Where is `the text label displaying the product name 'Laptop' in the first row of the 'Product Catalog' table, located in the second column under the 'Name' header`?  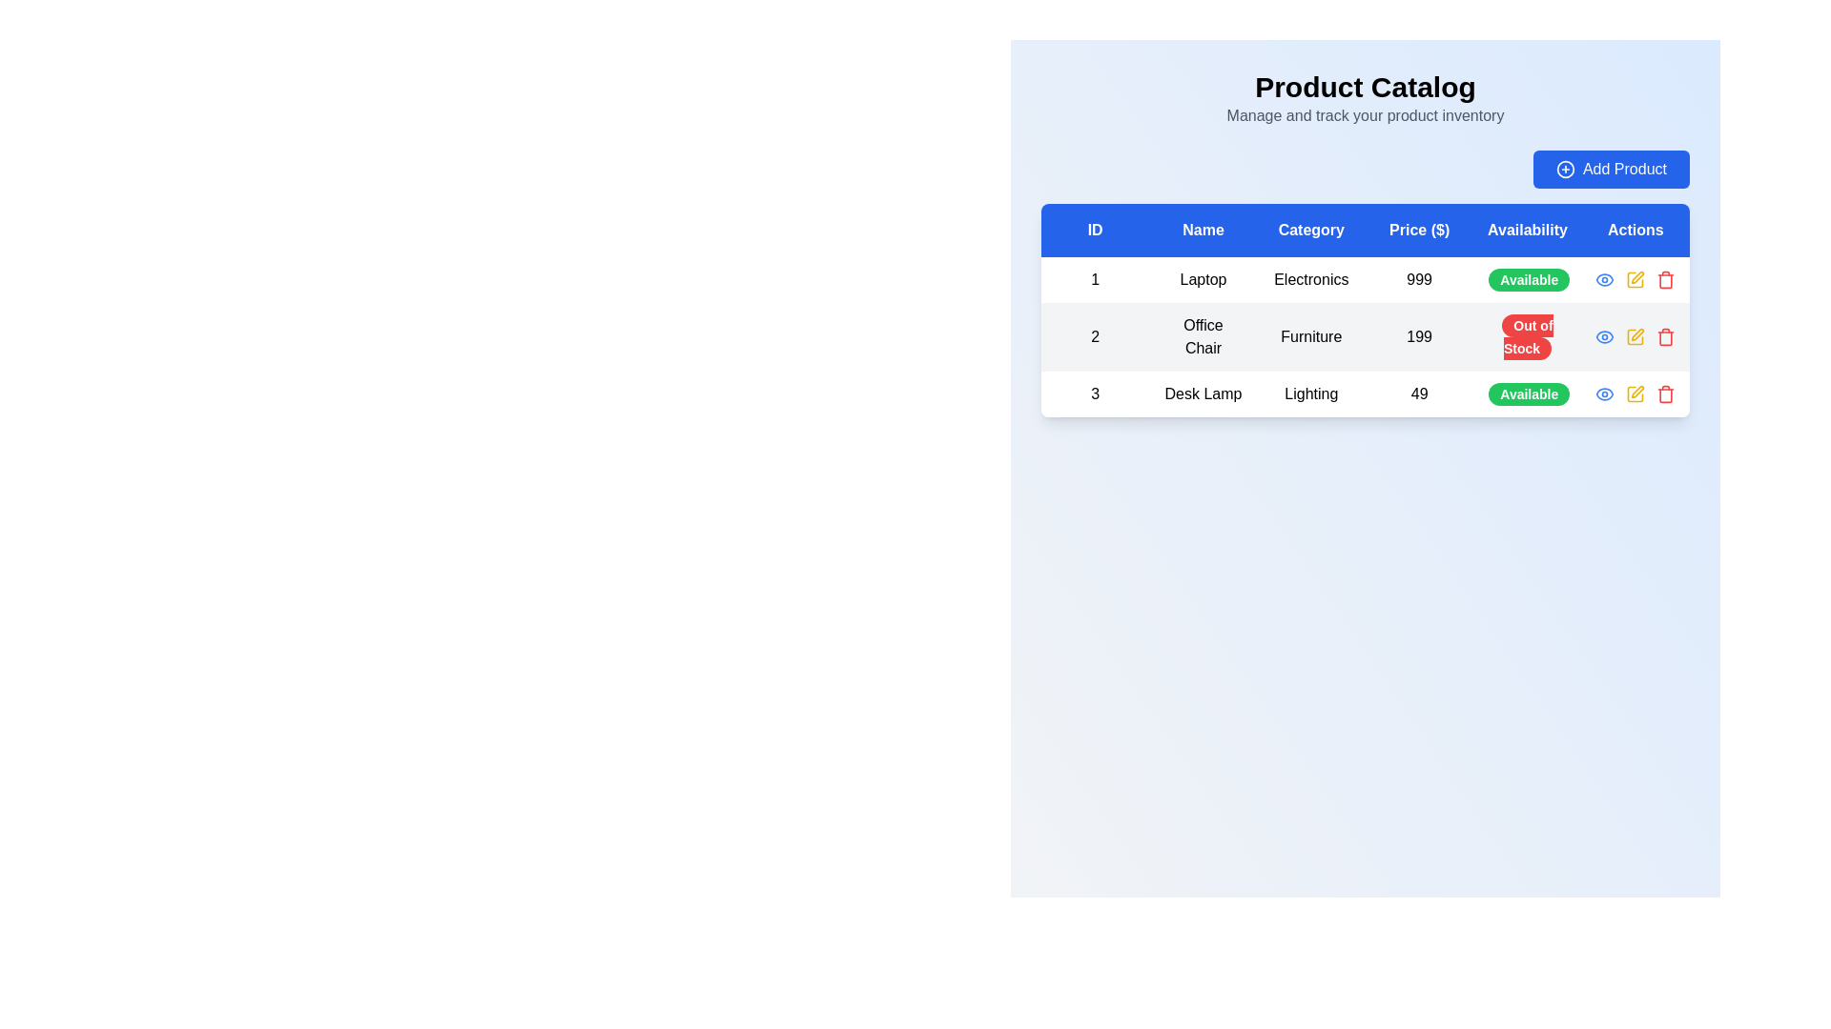 the text label displaying the product name 'Laptop' in the first row of the 'Product Catalog' table, located in the second column under the 'Name' header is located at coordinates (1203, 279).